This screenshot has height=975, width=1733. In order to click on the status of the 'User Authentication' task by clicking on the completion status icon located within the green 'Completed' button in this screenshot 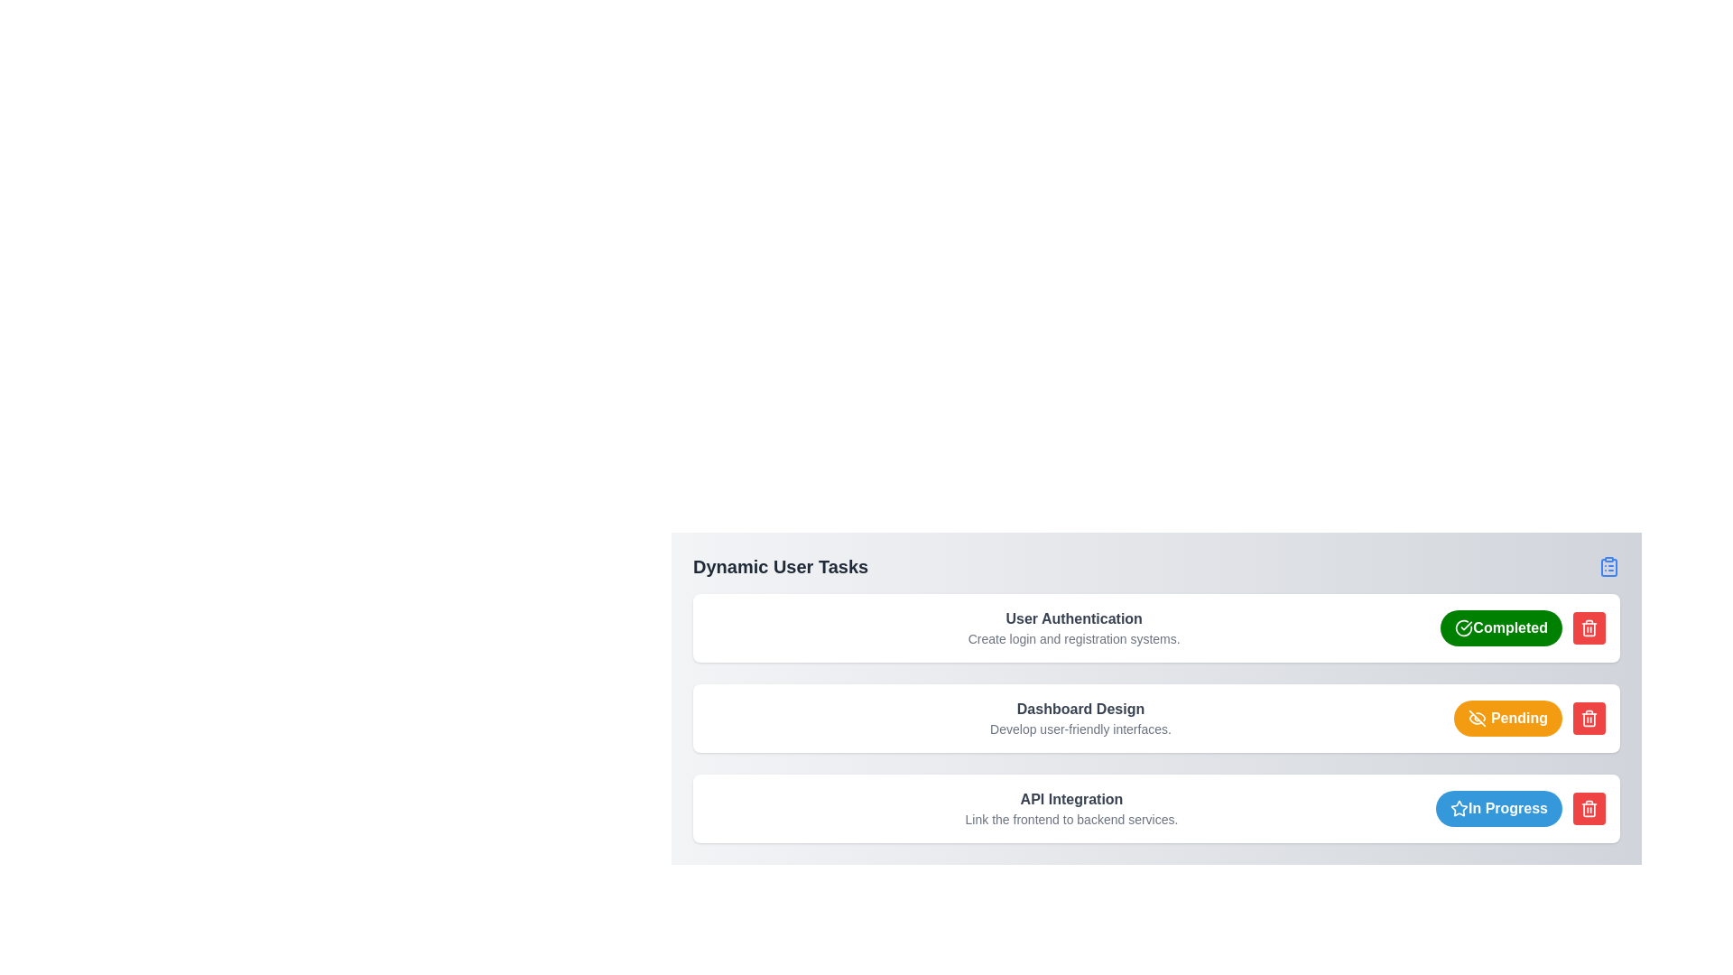, I will do `click(1464, 627)`.